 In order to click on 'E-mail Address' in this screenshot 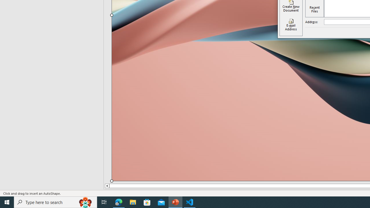, I will do `click(291, 25)`.